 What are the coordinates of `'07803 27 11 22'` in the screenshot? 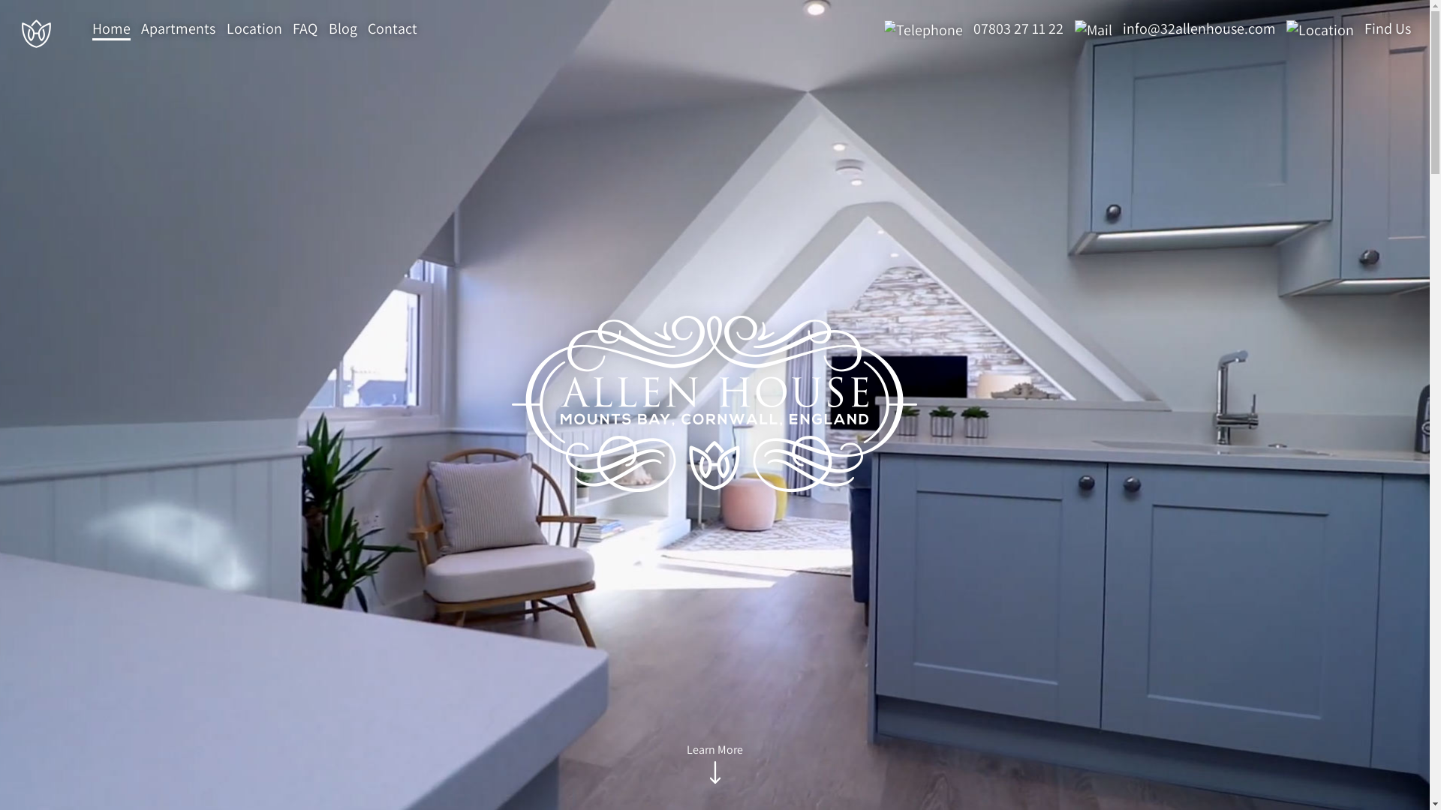 It's located at (970, 28).